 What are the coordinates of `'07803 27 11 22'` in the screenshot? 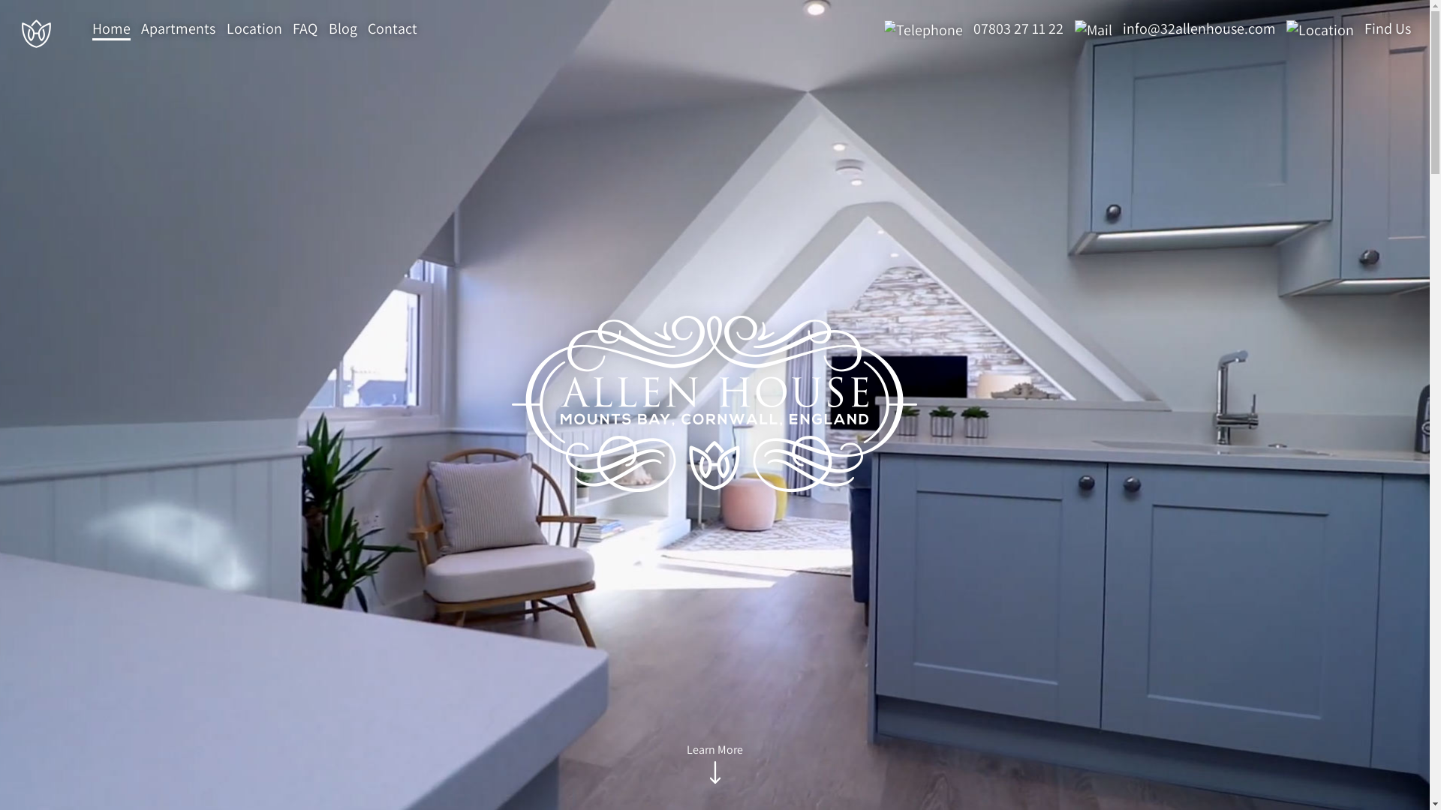 It's located at (970, 28).